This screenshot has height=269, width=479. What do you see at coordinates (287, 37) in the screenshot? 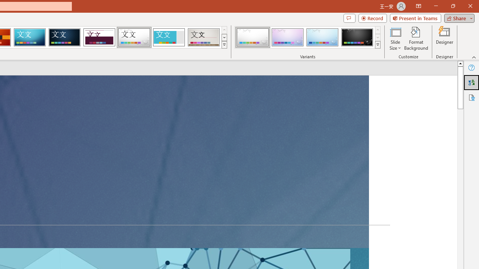
I see `'Droplet Variant 2'` at bounding box center [287, 37].